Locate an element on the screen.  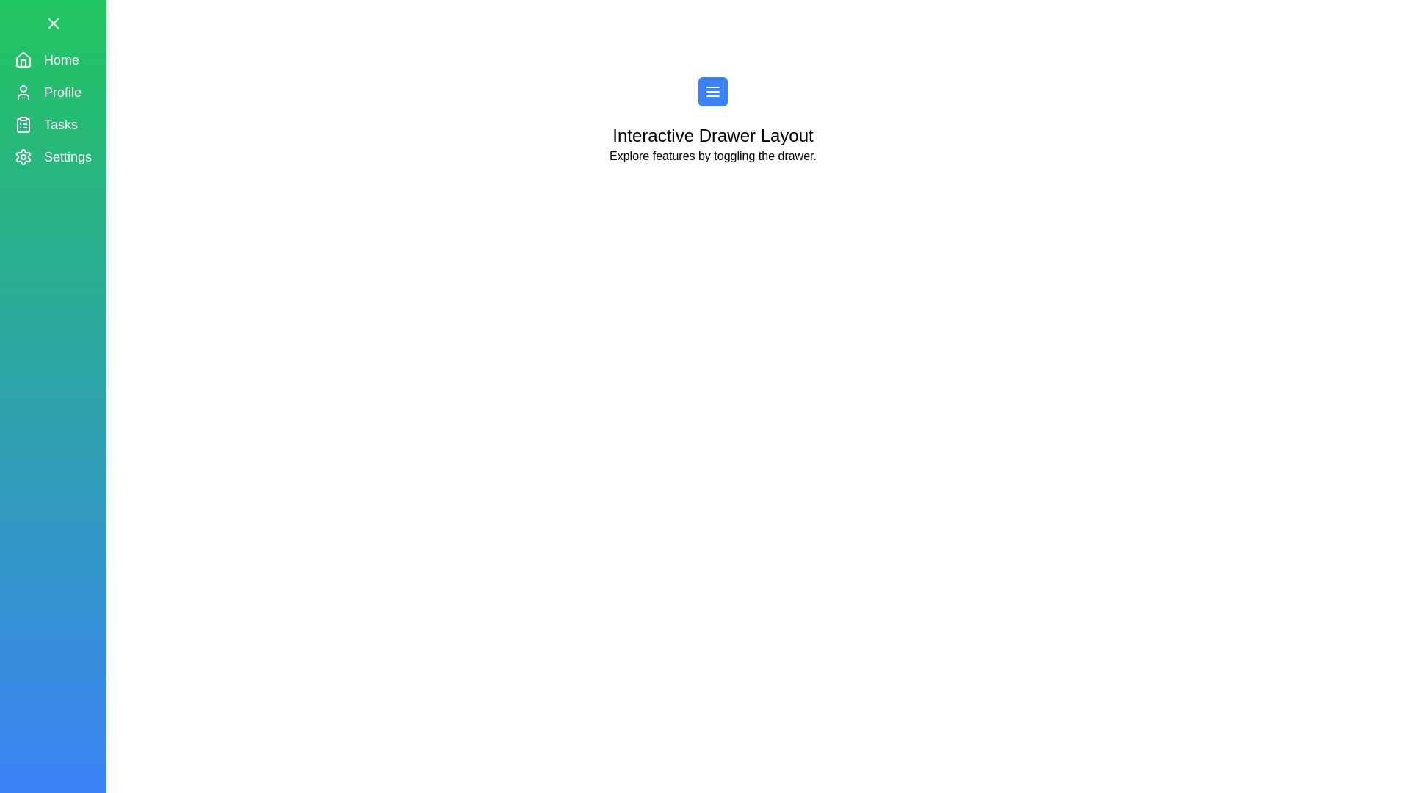
the close button at the top-left corner of the drawer to close it is located at coordinates (53, 23).